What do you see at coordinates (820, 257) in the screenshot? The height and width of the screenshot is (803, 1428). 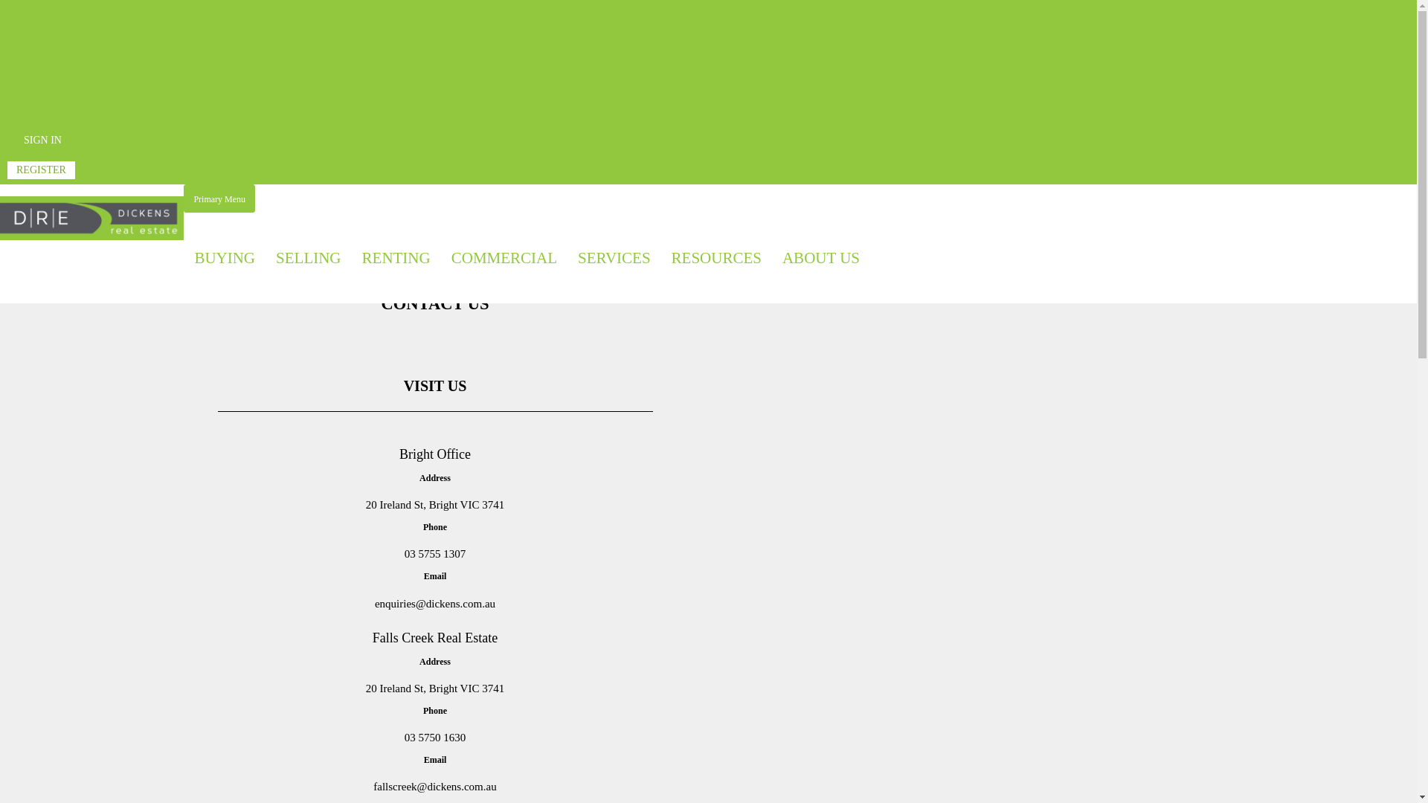 I see `'ABOUT US'` at bounding box center [820, 257].